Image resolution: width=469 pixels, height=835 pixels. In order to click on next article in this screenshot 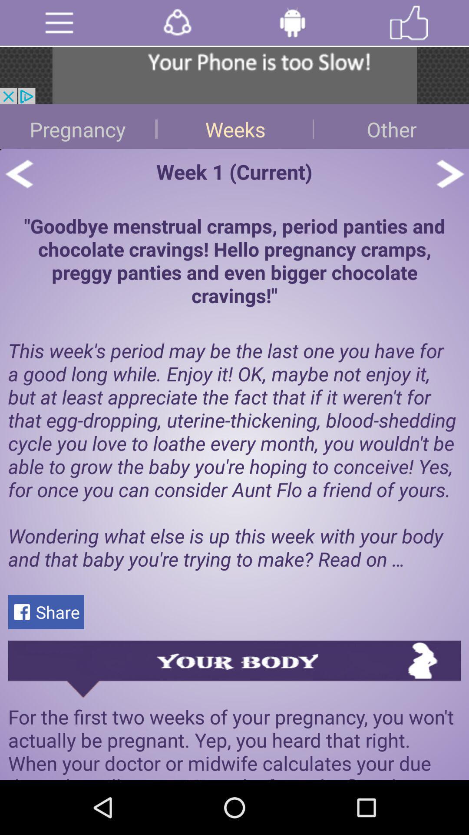, I will do `click(449, 174)`.